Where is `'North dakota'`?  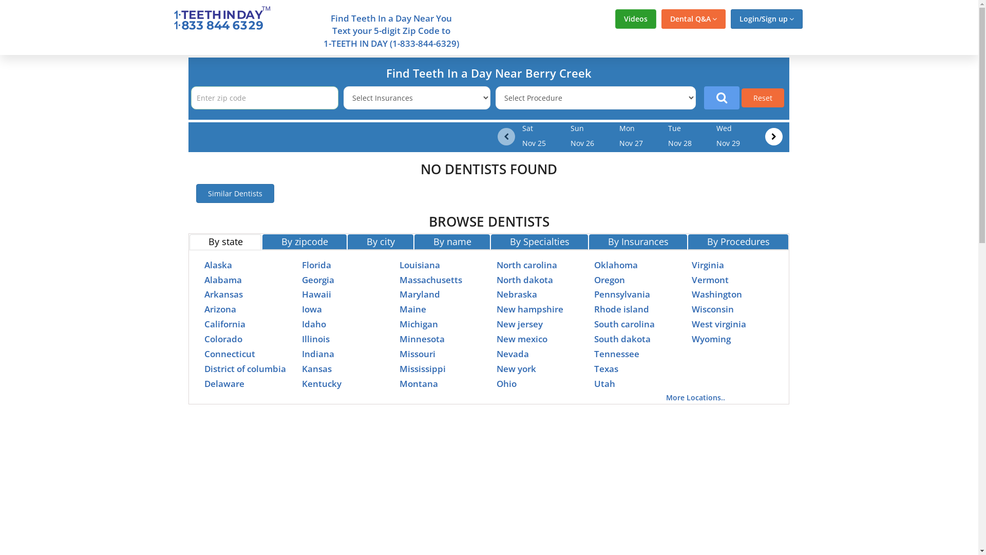
'North dakota' is located at coordinates (496, 280).